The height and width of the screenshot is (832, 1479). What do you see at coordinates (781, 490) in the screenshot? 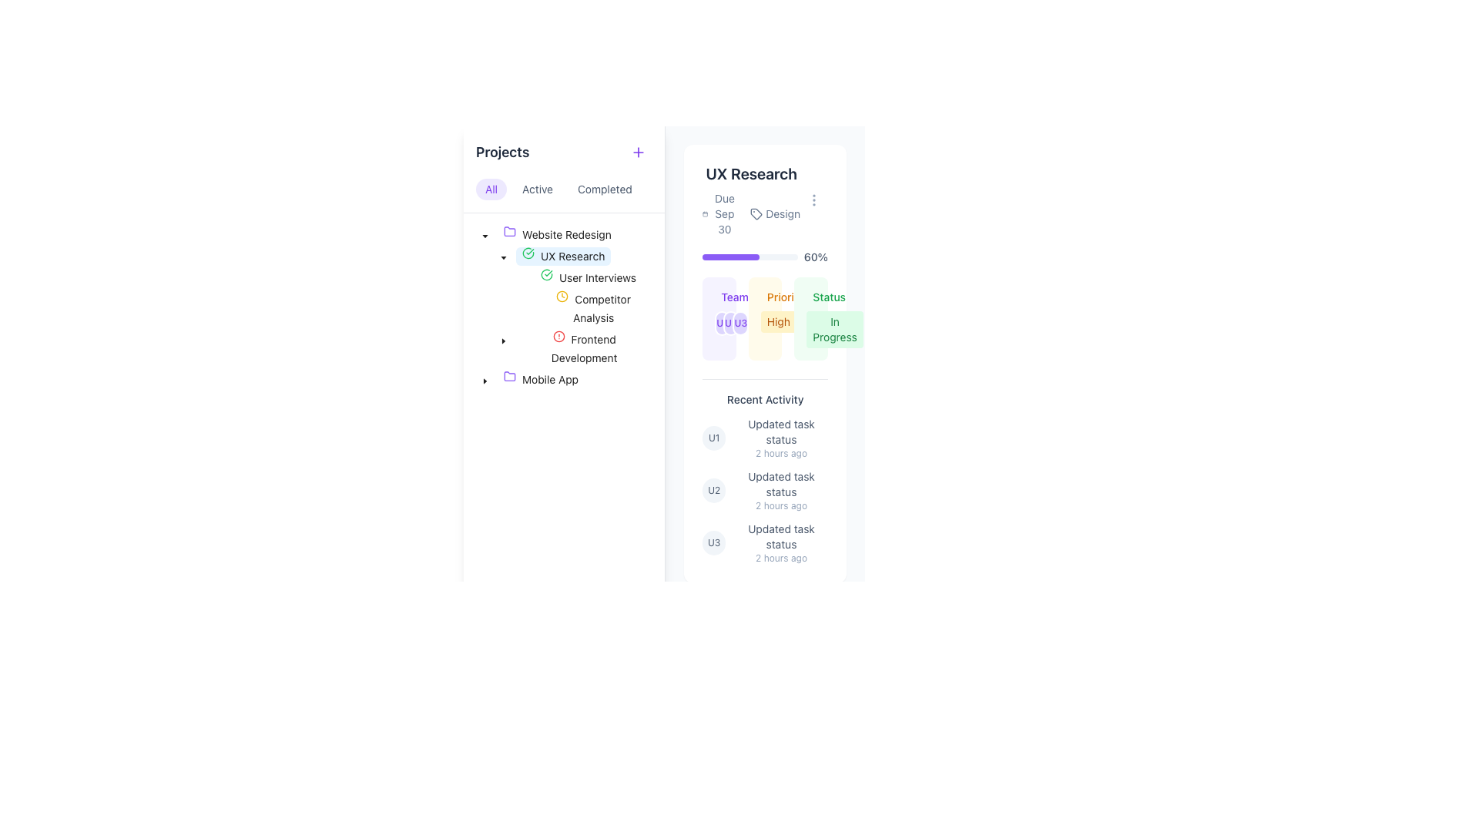
I see `the 'Updated task status' text entry with timestamp located in the 'Recent Activity' section of the 'UX Research' panel` at bounding box center [781, 490].